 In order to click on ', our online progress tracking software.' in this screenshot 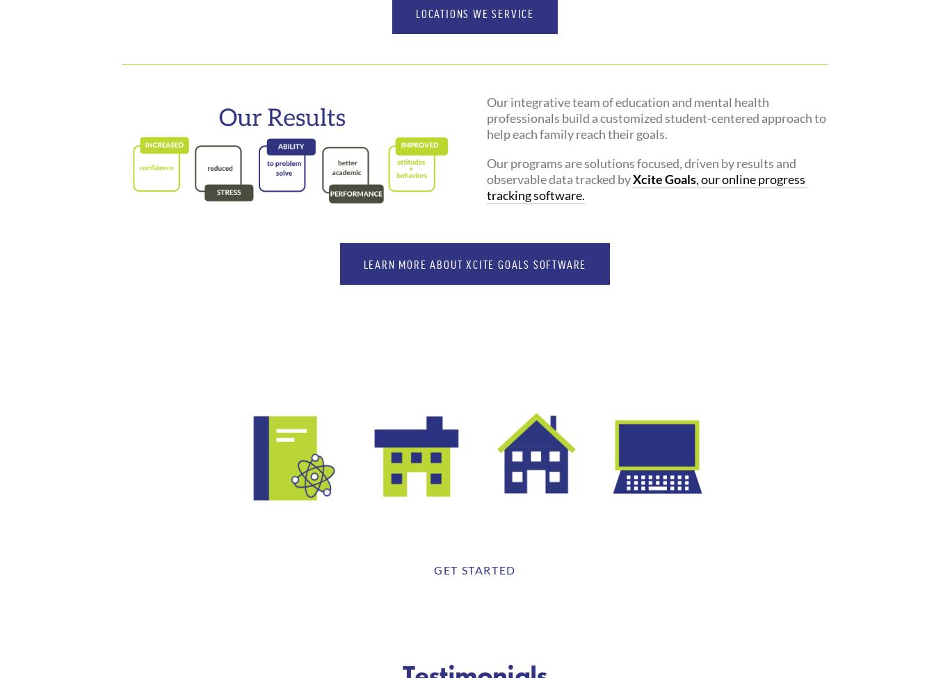, I will do `click(647, 187)`.